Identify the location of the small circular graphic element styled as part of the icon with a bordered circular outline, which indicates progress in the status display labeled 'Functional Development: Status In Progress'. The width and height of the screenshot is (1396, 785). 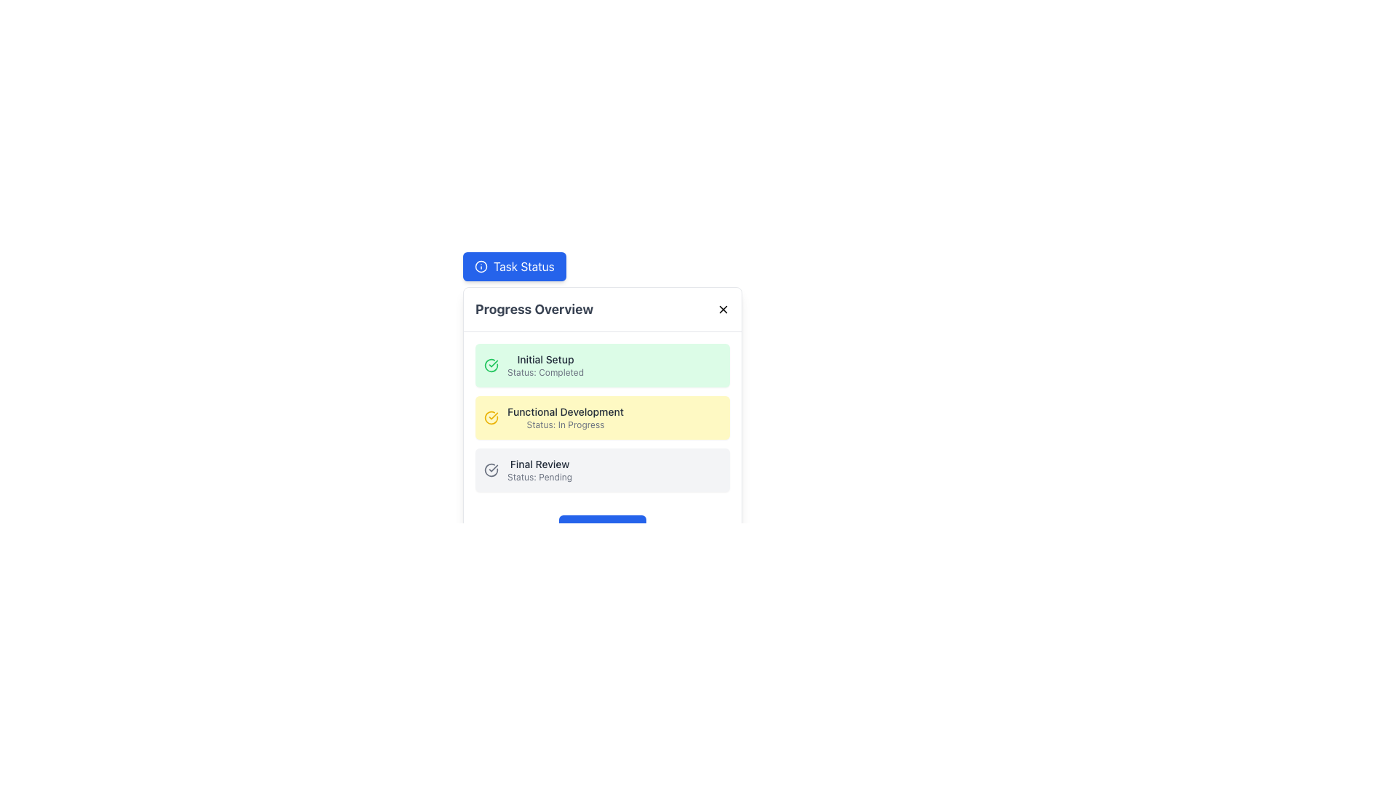
(492, 417).